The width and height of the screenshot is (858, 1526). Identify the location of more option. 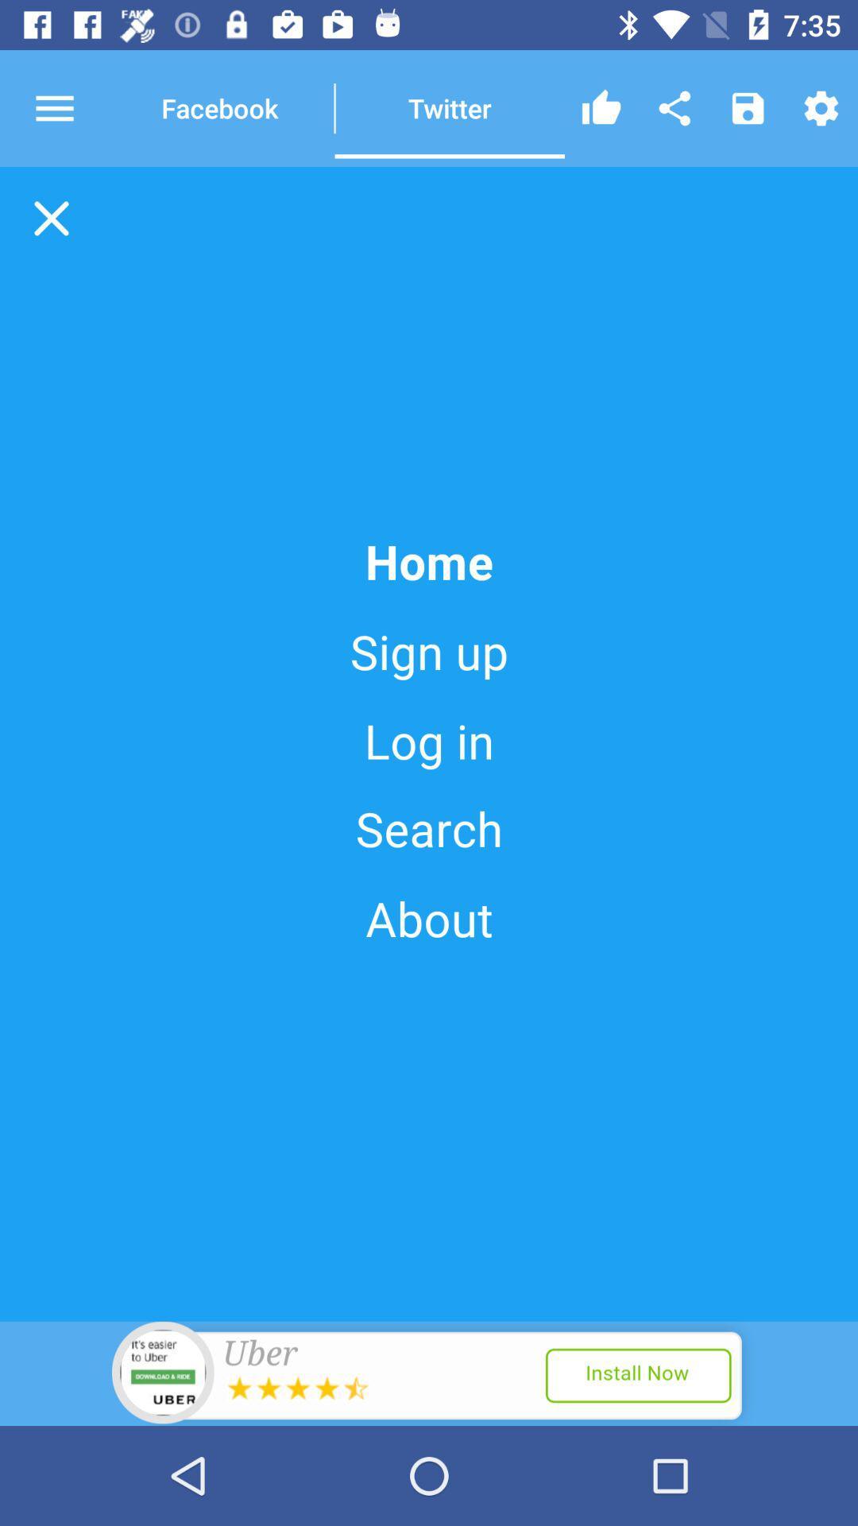
(68, 107).